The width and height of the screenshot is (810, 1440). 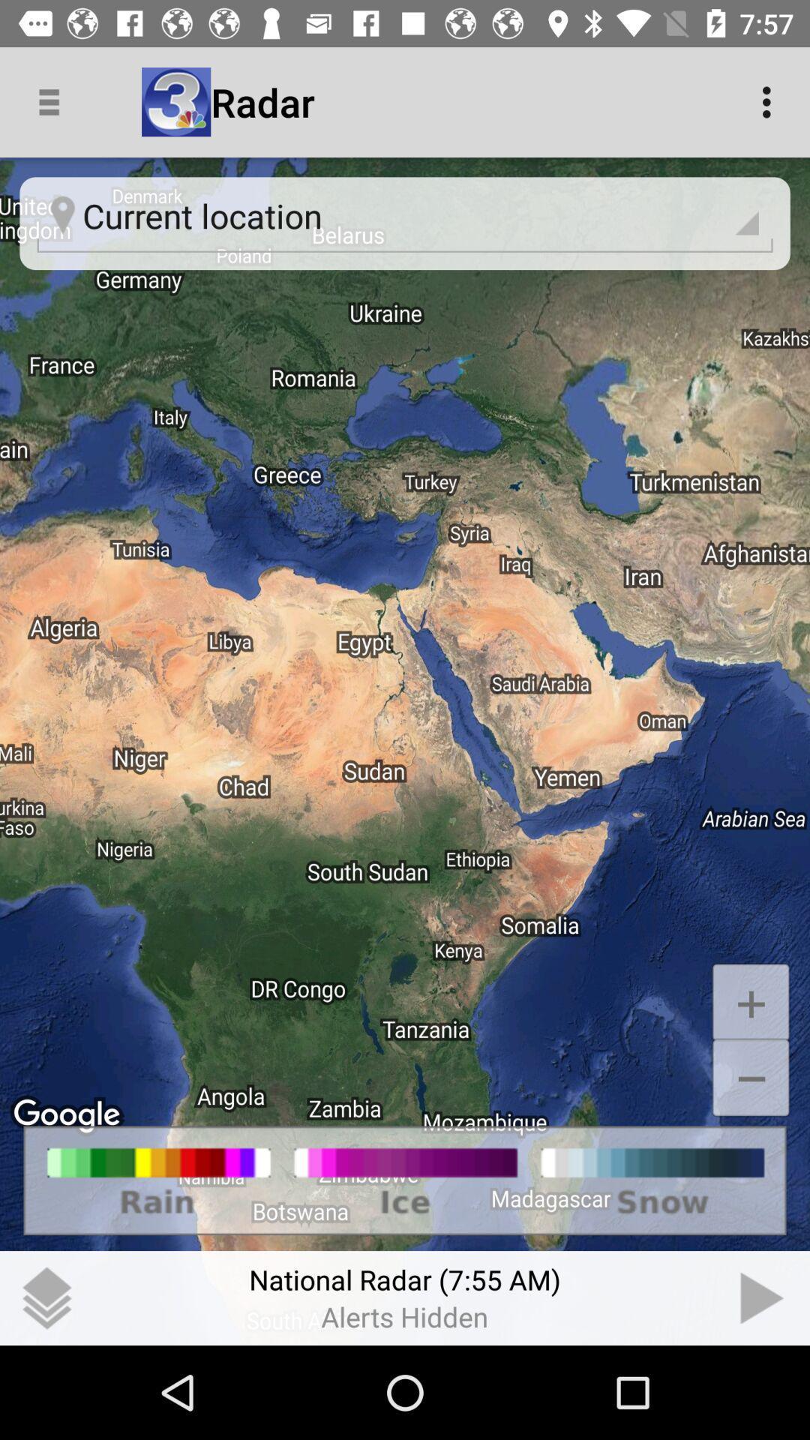 What do you see at coordinates (770, 101) in the screenshot?
I see `item to the right of radar` at bounding box center [770, 101].